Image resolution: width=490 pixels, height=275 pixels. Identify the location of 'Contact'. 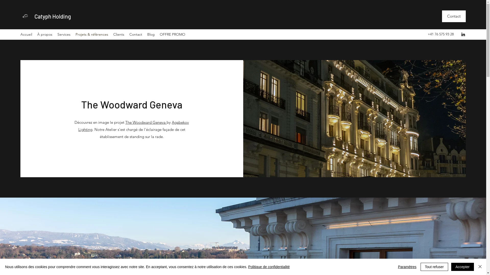
(454, 16).